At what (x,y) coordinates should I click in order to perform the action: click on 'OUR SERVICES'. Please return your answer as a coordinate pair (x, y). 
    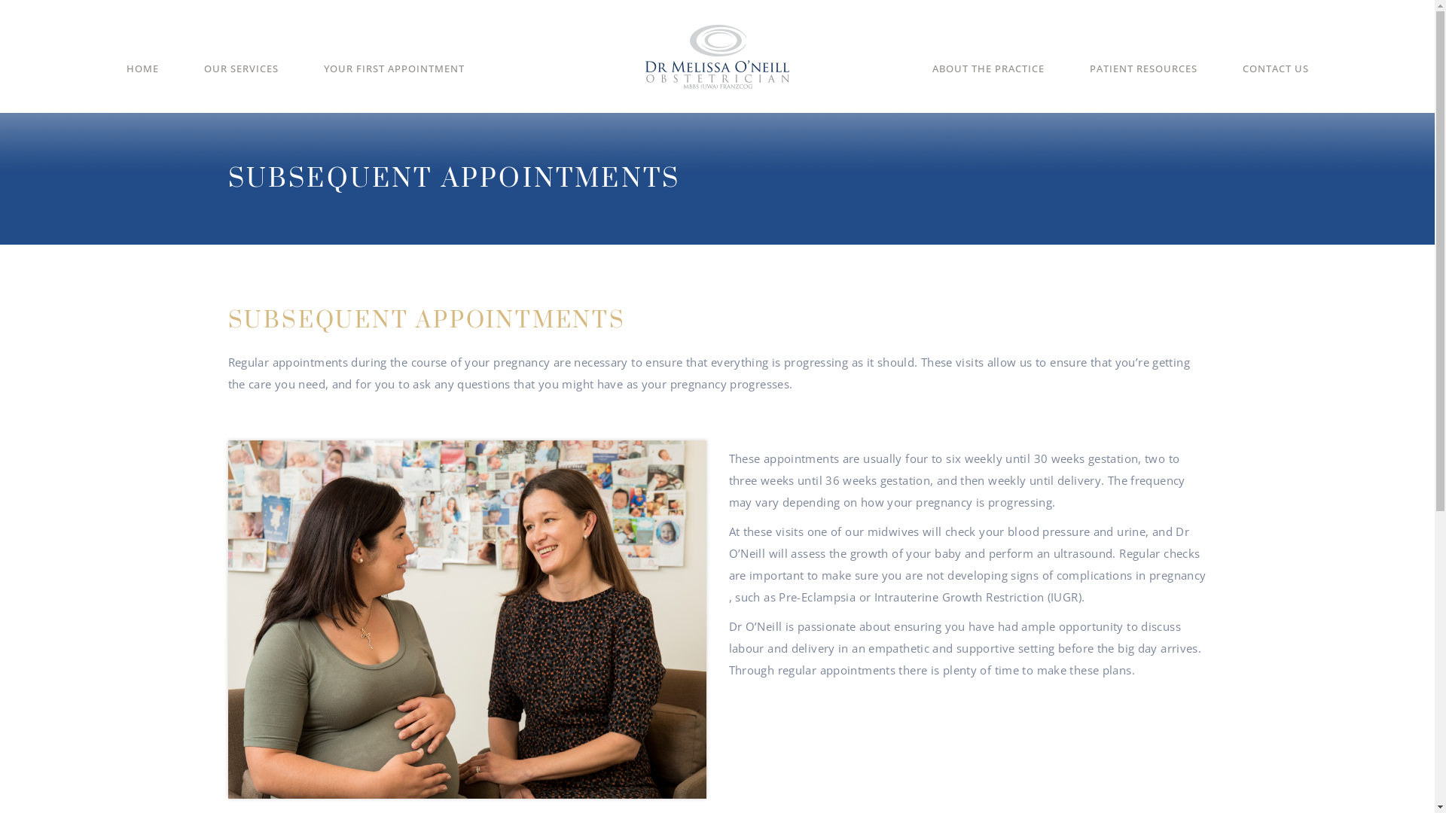
    Looking at the image, I should click on (239, 79).